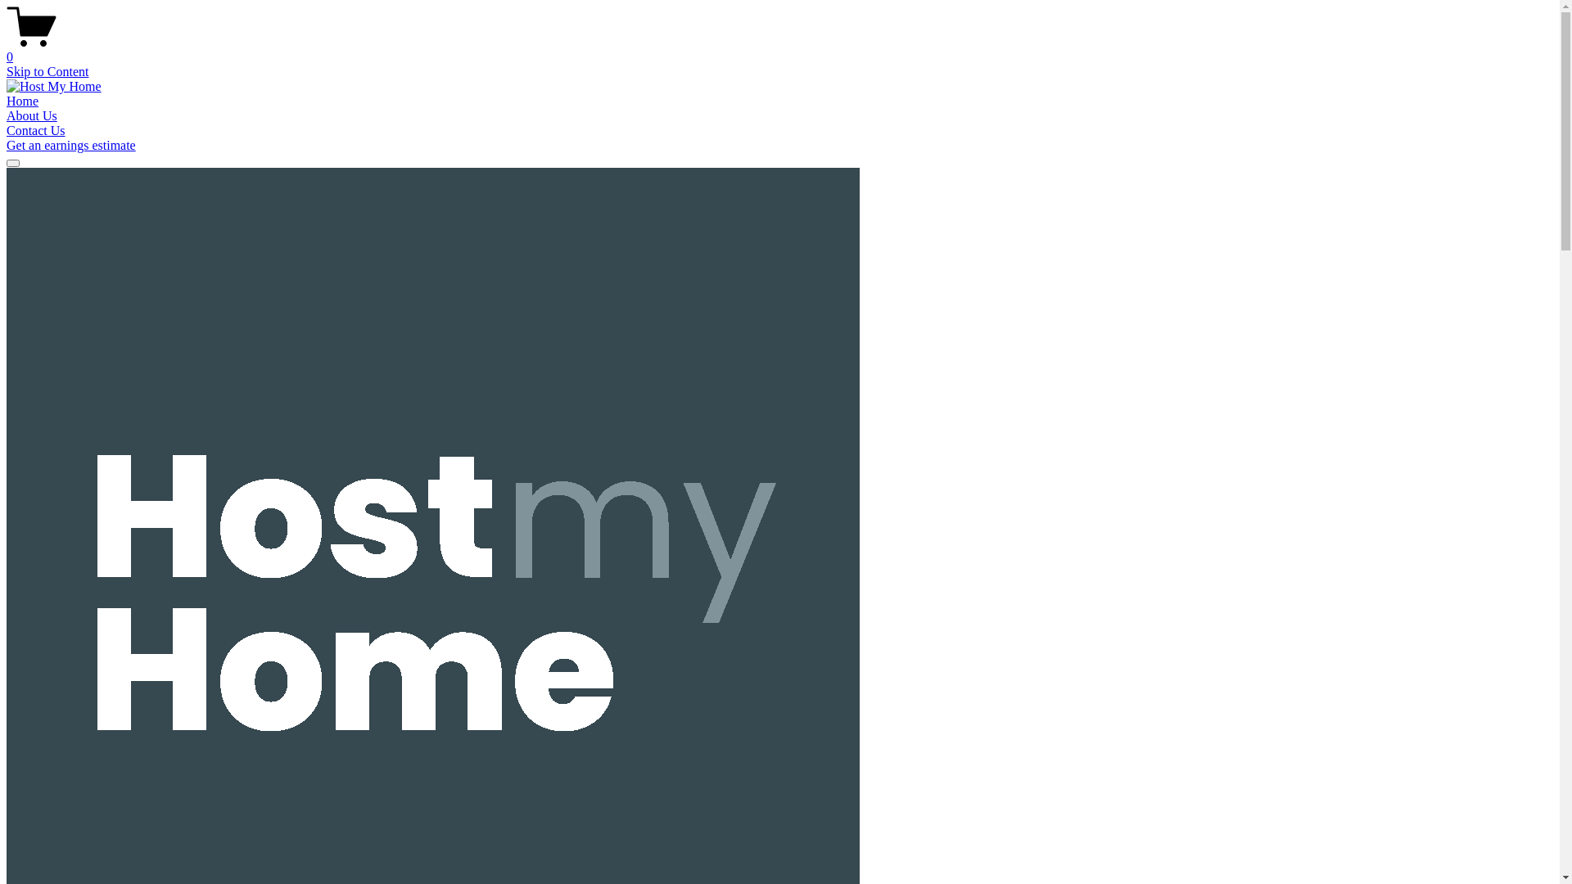  Describe the element at coordinates (779, 49) in the screenshot. I see `'0'` at that location.